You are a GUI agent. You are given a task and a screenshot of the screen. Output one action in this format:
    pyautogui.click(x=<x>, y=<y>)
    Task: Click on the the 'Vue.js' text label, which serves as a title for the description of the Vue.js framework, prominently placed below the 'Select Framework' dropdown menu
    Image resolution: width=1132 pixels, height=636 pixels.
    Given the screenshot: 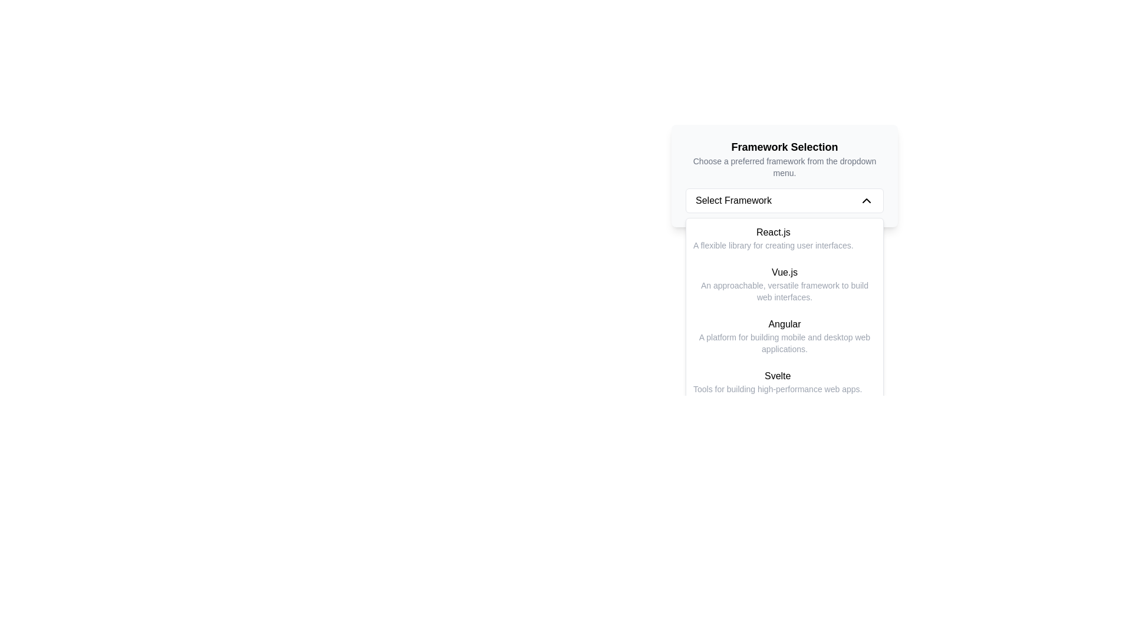 What is the action you would take?
    pyautogui.click(x=784, y=272)
    